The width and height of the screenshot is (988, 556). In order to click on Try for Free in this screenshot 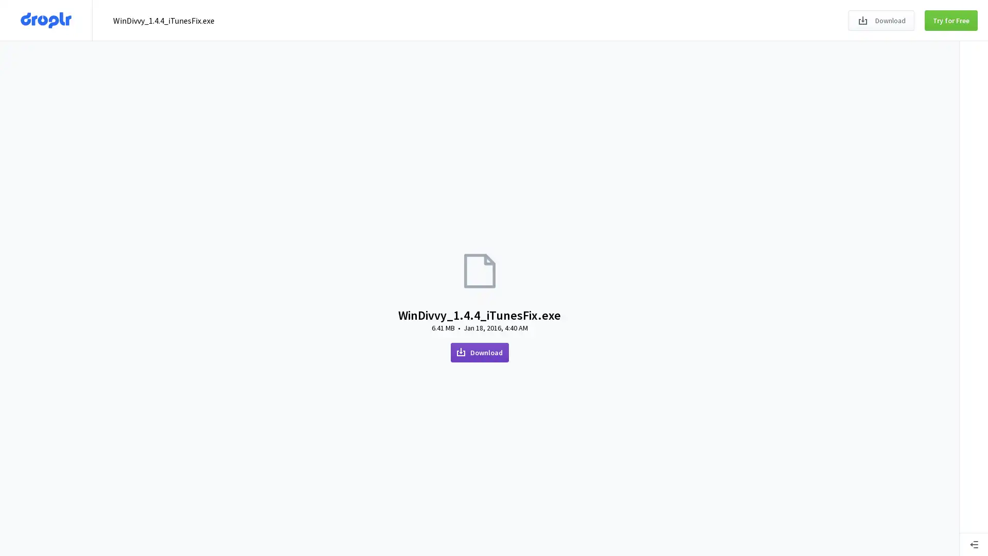, I will do `click(950, 20)`.